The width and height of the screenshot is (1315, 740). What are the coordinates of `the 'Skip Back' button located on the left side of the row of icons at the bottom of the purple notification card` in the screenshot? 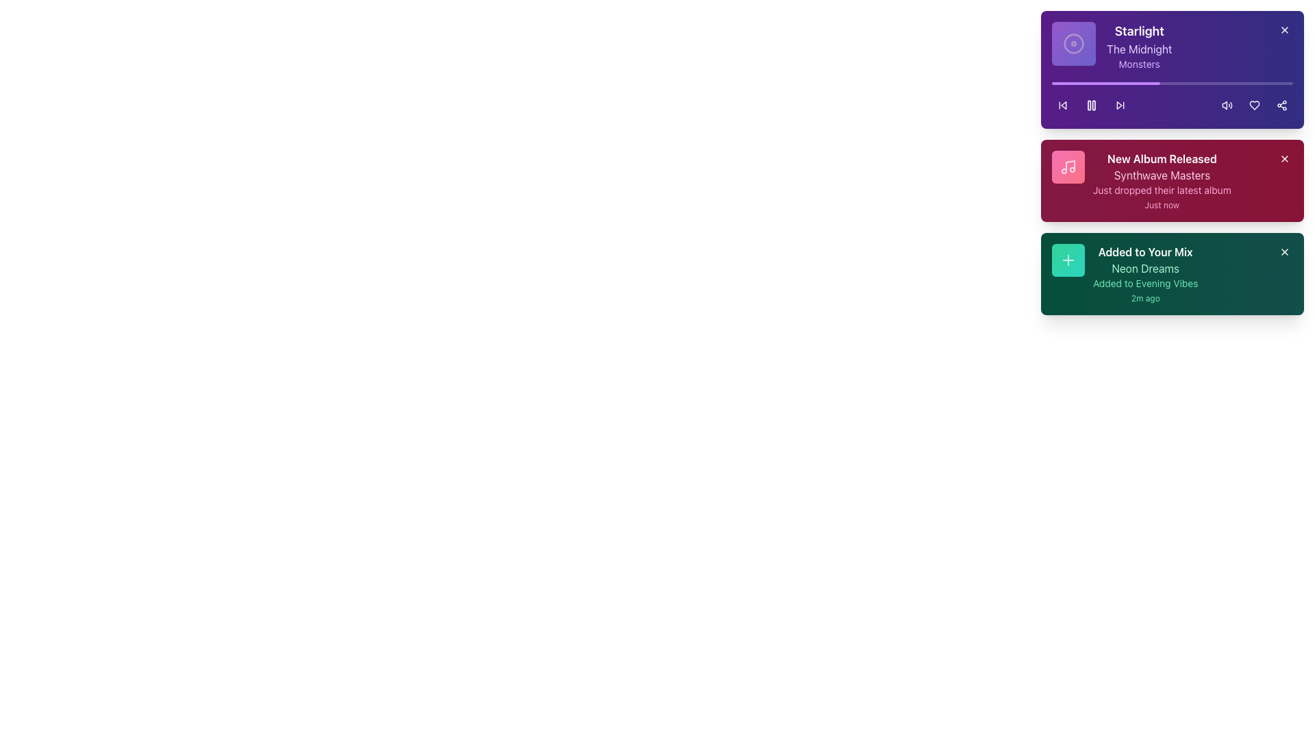 It's located at (1062, 105).